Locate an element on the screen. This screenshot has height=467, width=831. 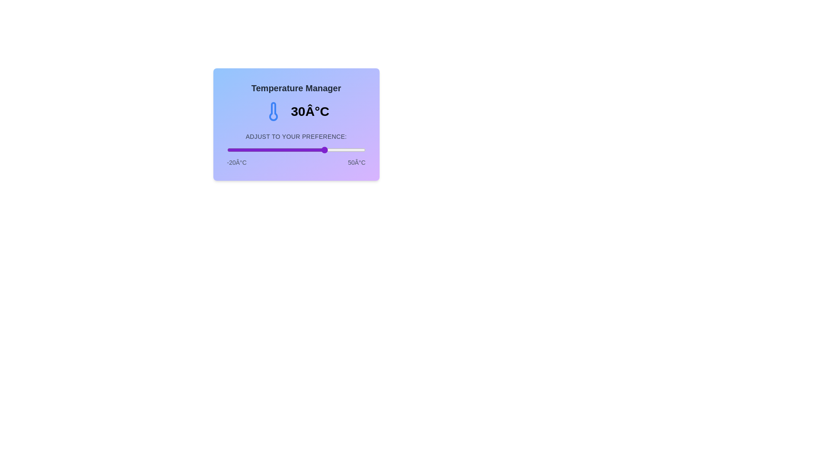
the temperature to 16 degrees Celsius by dragging the slider is located at coordinates (298, 150).